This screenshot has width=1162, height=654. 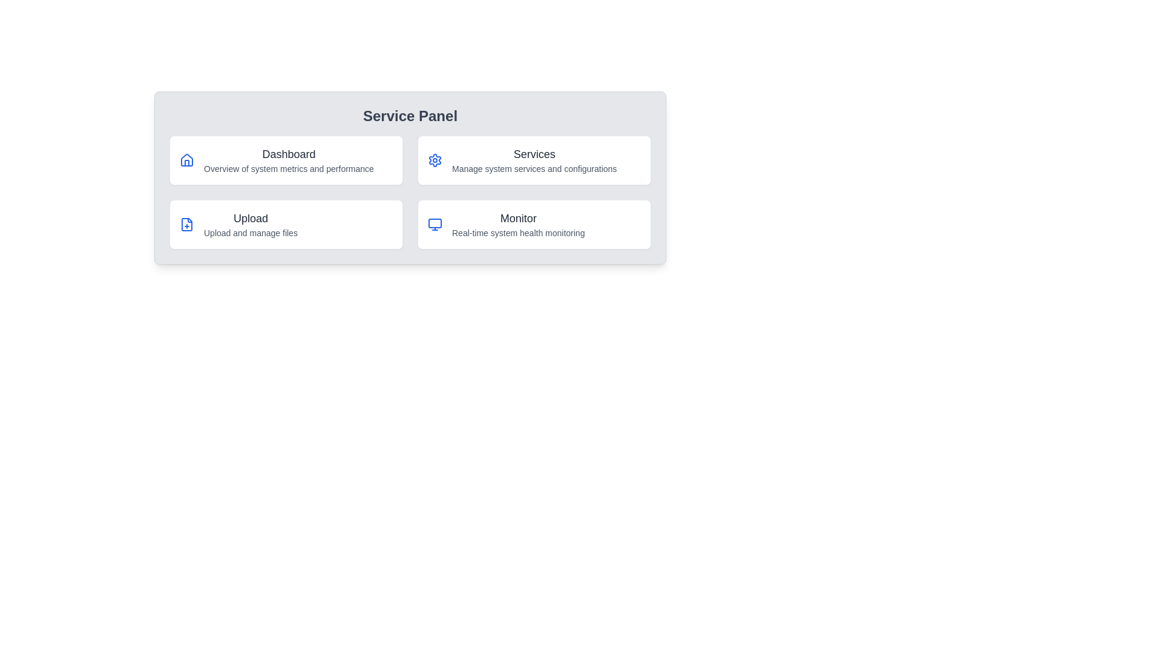 What do you see at coordinates (288, 160) in the screenshot?
I see `the text block that serves as a heading in the service panel, located to the right of the blue house icon` at bounding box center [288, 160].